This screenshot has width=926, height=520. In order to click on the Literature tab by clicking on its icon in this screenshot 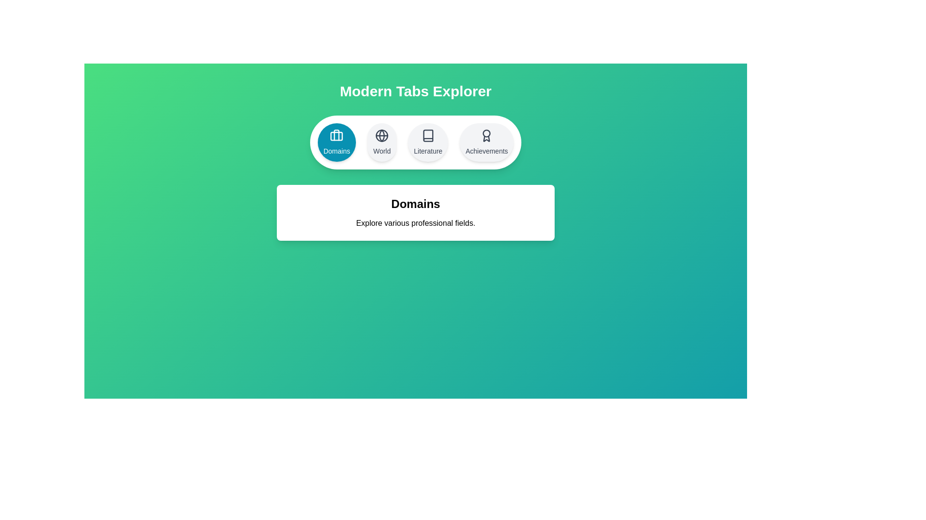, I will do `click(427, 143)`.